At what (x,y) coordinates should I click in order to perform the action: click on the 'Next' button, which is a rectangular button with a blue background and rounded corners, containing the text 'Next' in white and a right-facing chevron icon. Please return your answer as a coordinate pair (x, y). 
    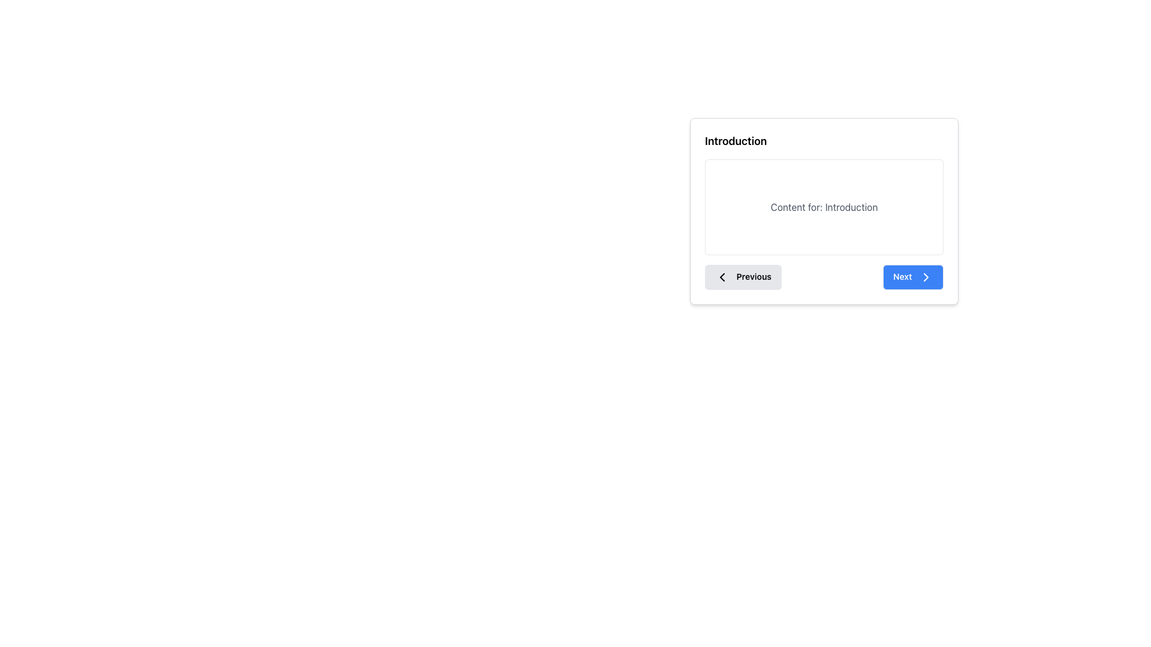
    Looking at the image, I should click on (912, 277).